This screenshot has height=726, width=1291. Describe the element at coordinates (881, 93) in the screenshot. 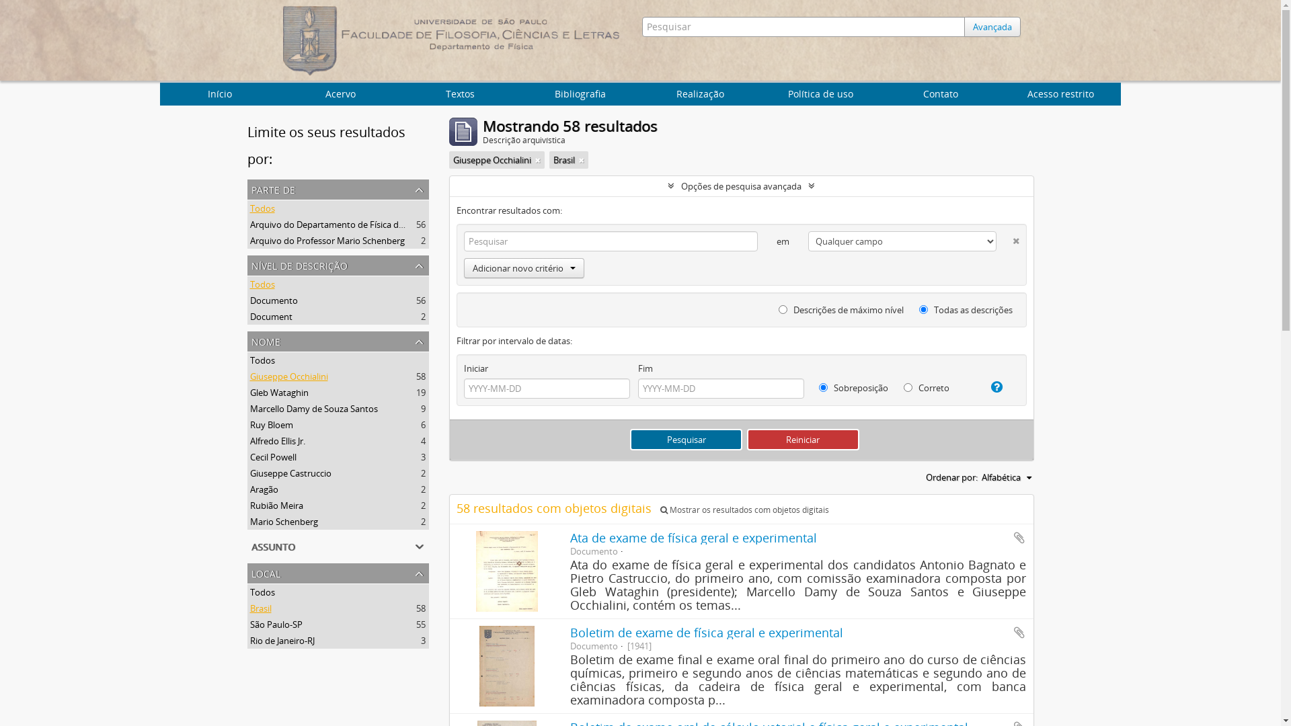

I see `'Contato'` at that location.